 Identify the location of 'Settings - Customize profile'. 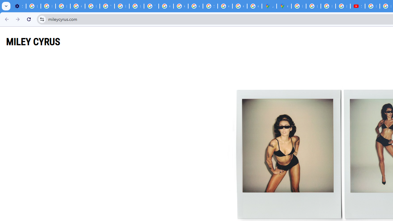
(18, 6).